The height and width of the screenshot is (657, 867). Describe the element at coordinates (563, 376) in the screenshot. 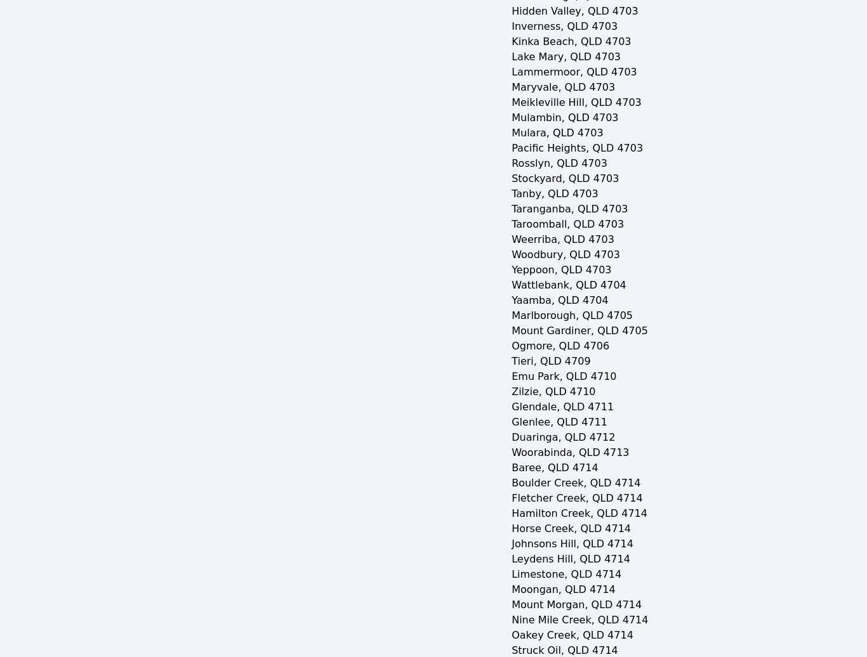

I see `'Emu Park, QLD 4710'` at that location.